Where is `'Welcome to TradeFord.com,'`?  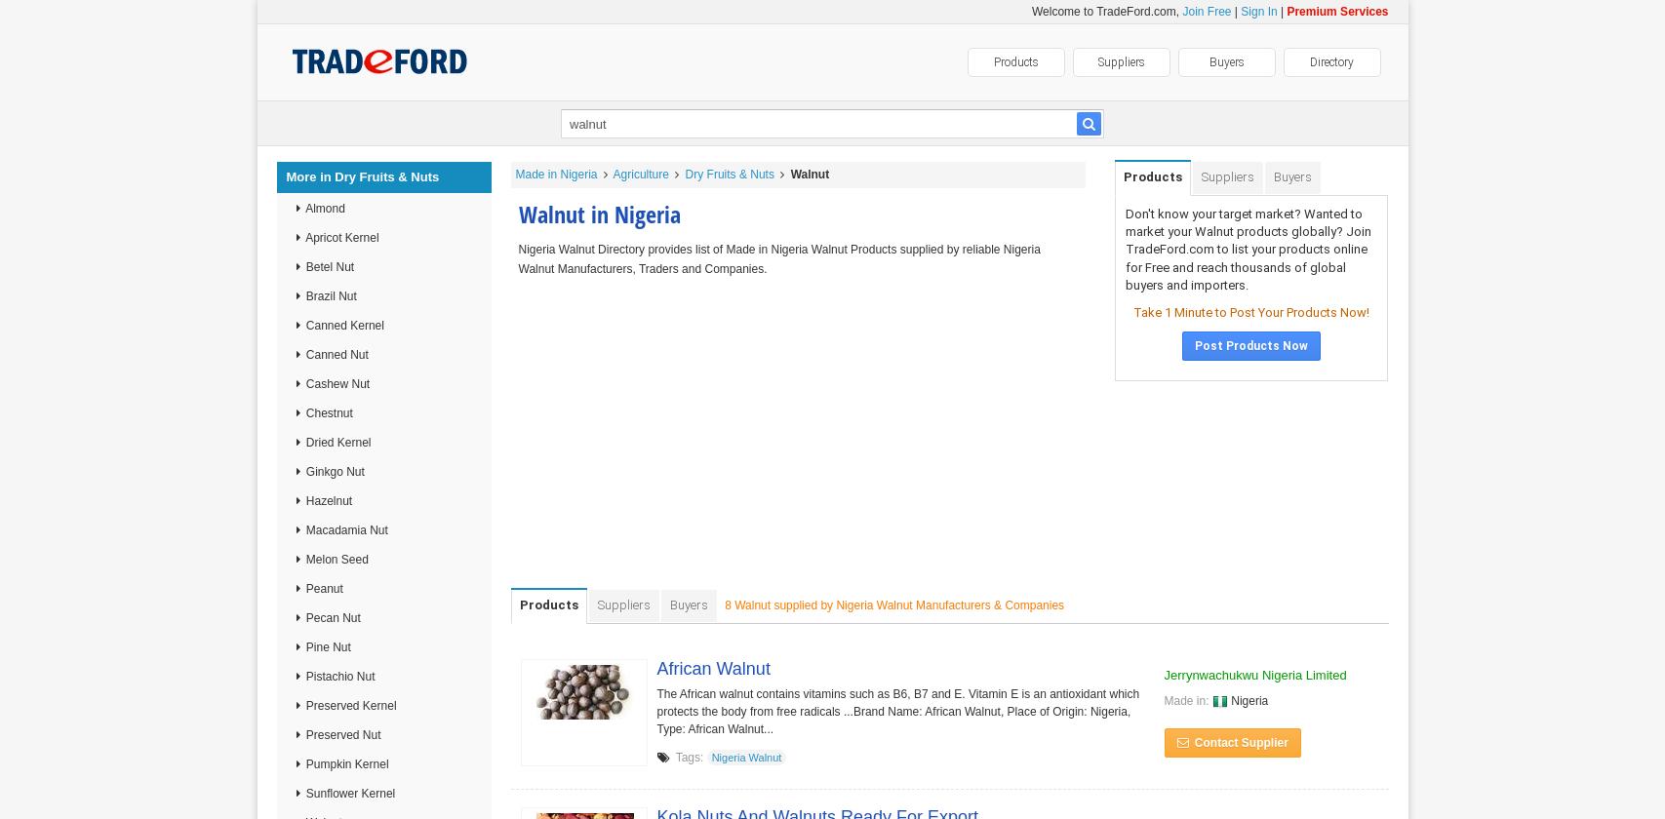
'Welcome to TradeFord.com,' is located at coordinates (1105, 12).